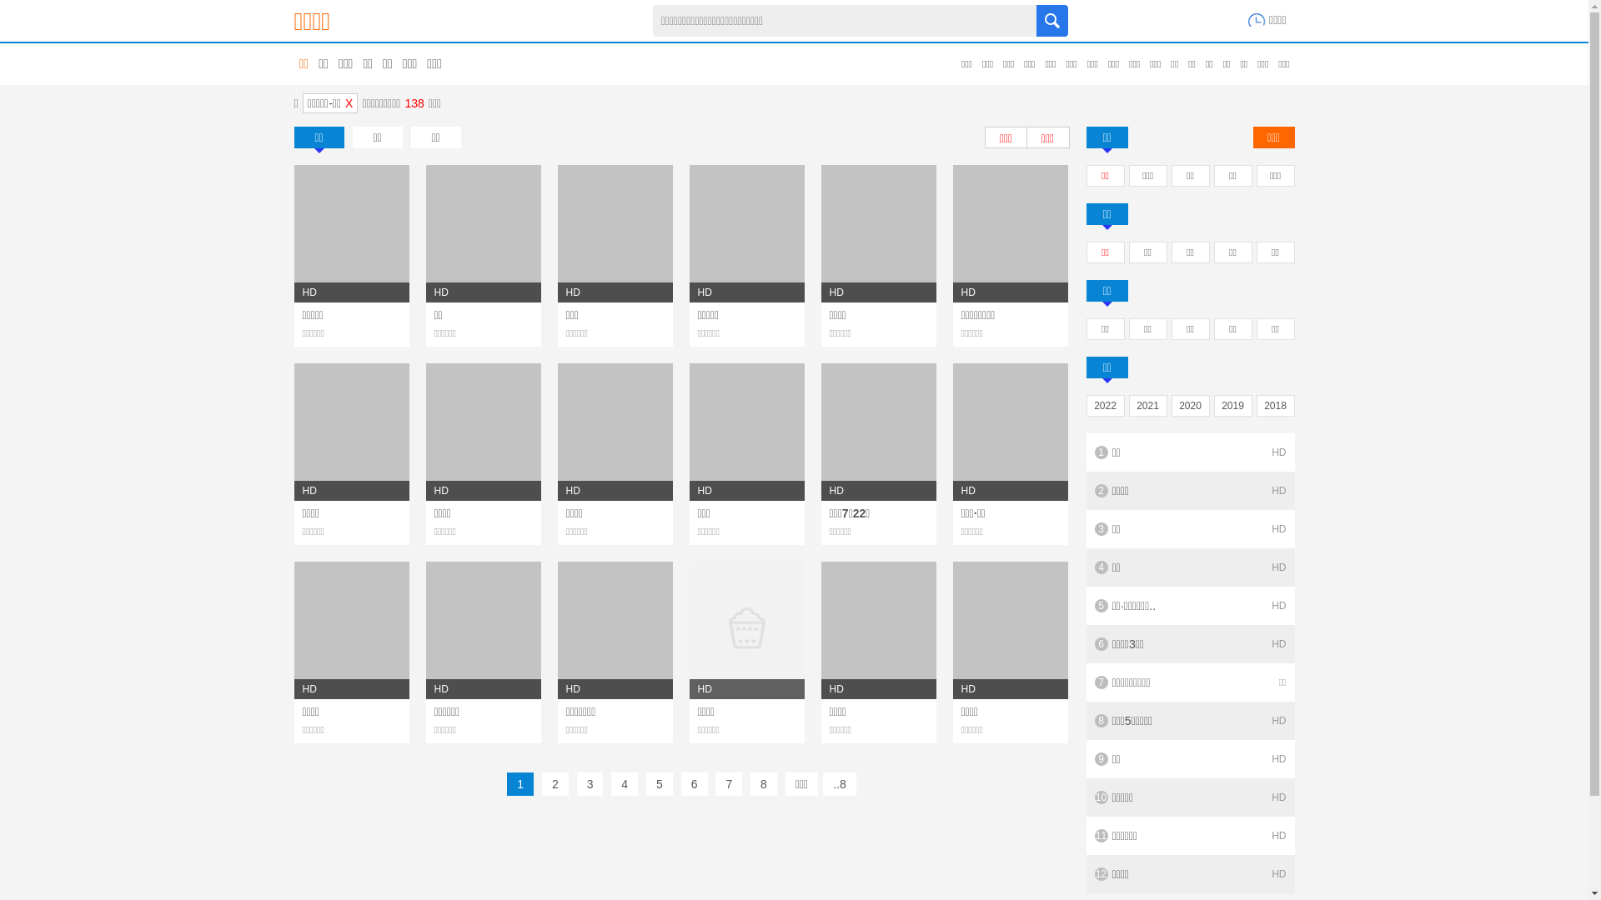 The image size is (1601, 900). Describe the element at coordinates (623, 784) in the screenshot. I see `'4'` at that location.